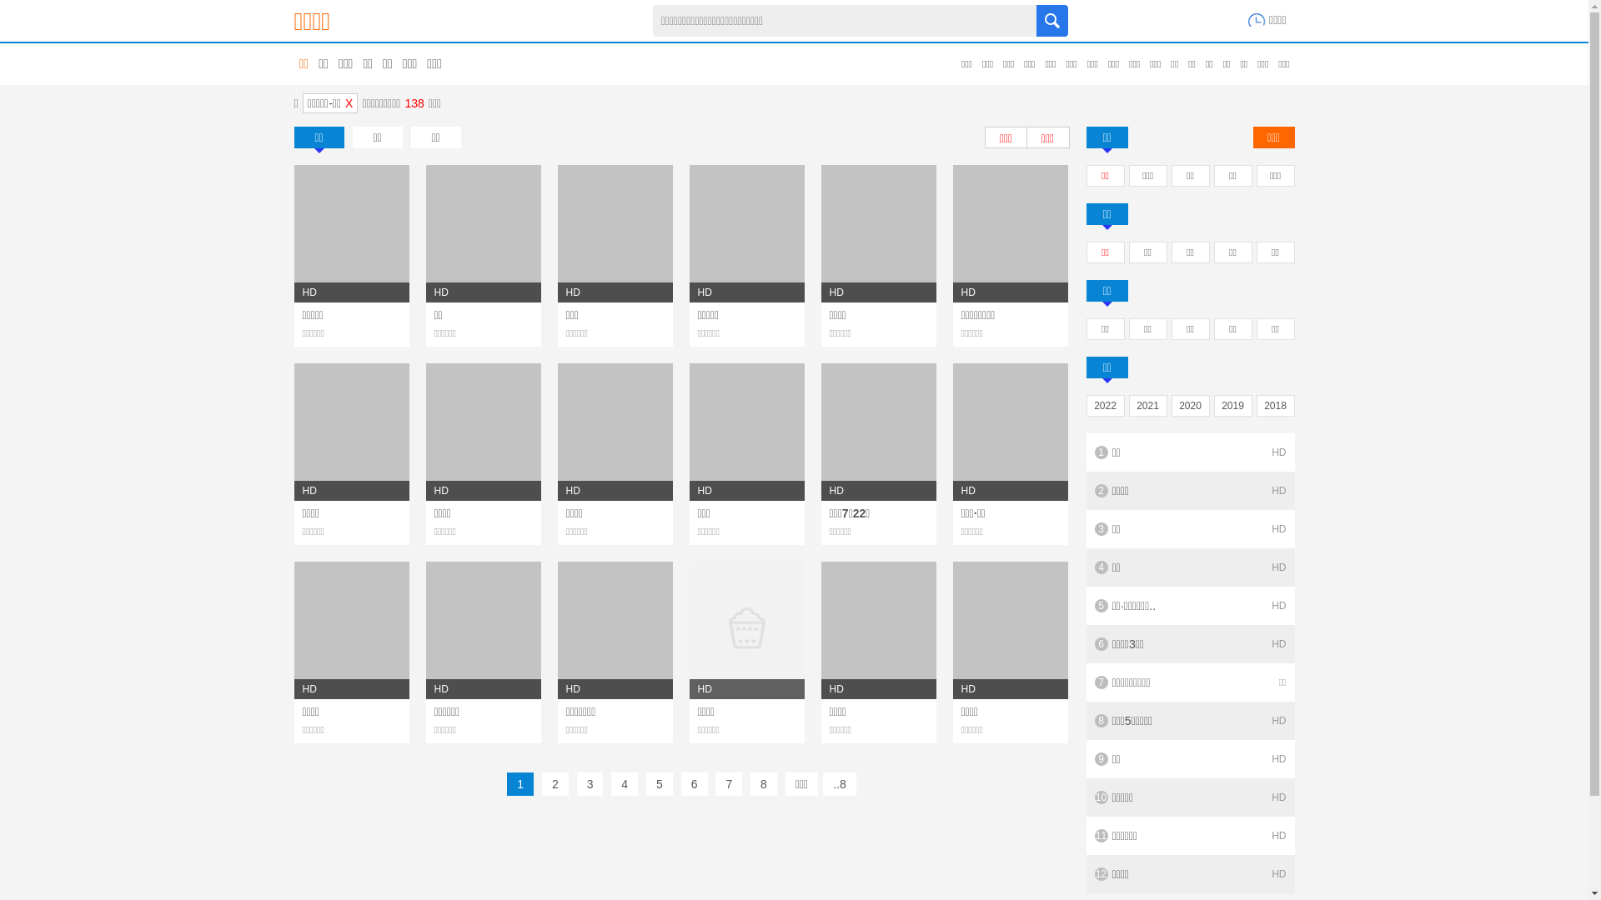 The image size is (1601, 900). Describe the element at coordinates (623, 784) in the screenshot. I see `'4'` at that location.